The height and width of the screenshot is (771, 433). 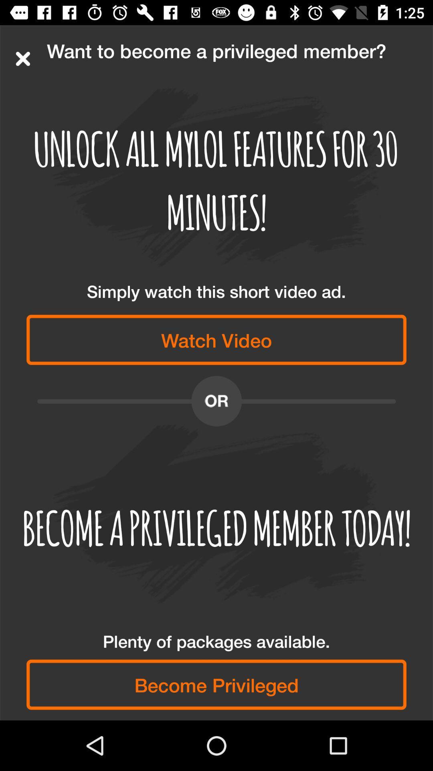 What do you see at coordinates (22, 58) in the screenshot?
I see `icon to the left of the want to become` at bounding box center [22, 58].